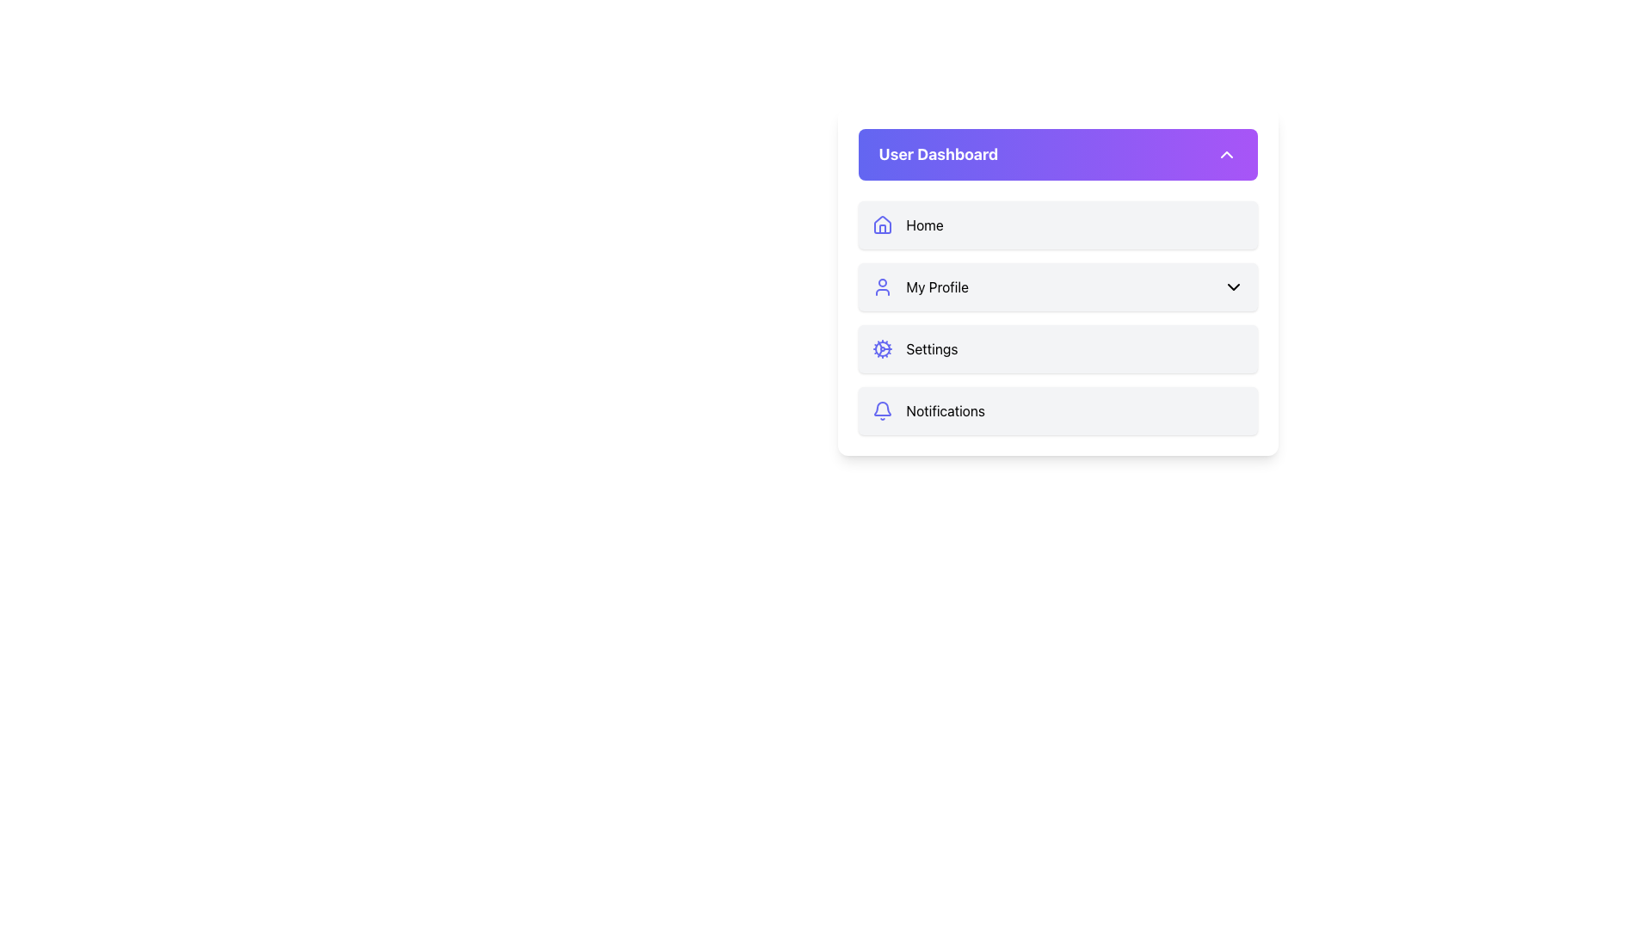  Describe the element at coordinates (882, 286) in the screenshot. I see `the user profile icon in the 'My Profile' menu, which is styled in a simple line-art format with rounded edges and rendered in blue` at that location.